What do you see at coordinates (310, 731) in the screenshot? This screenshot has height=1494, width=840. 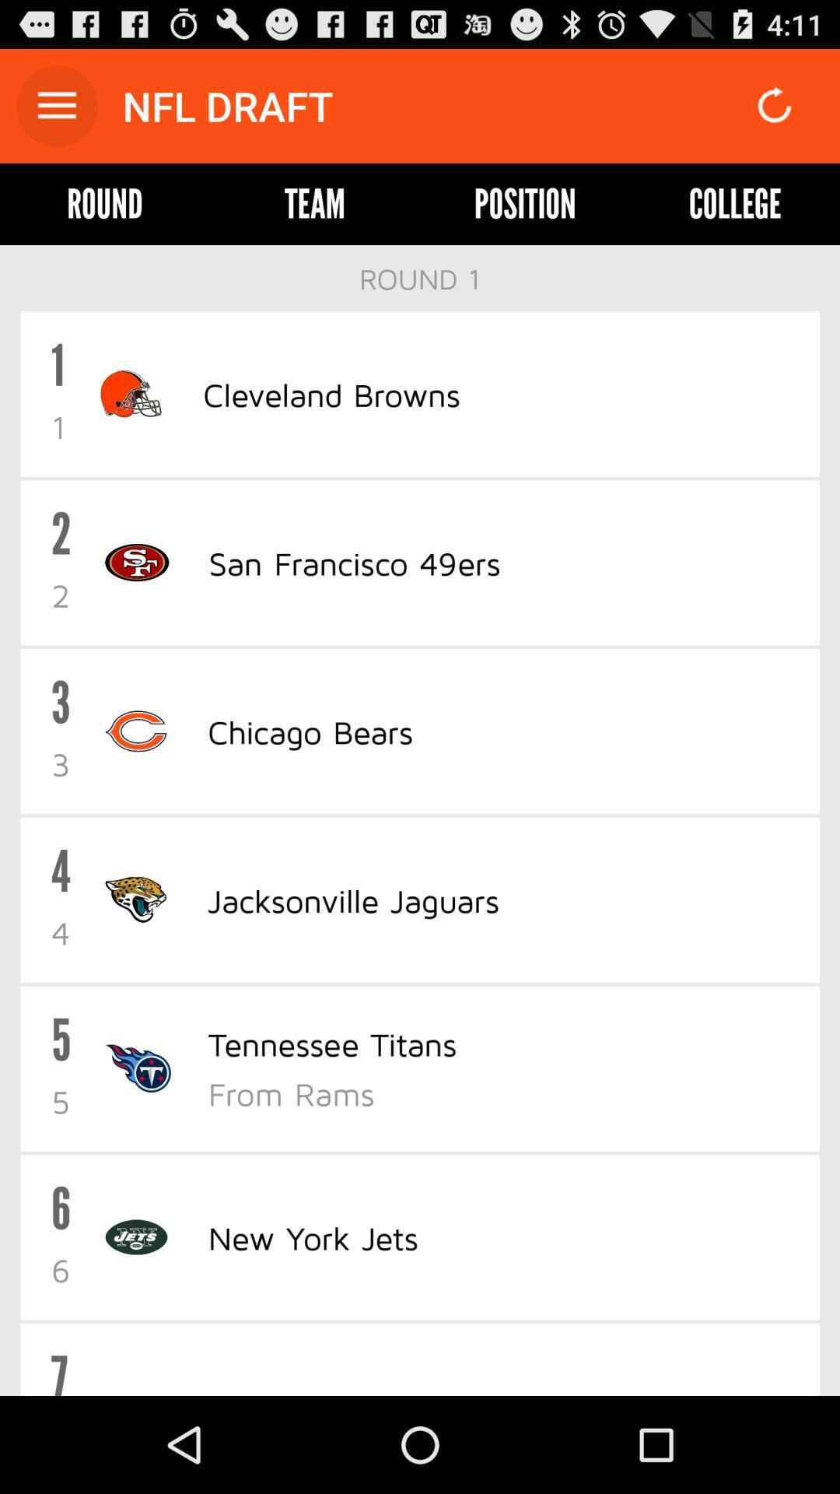 I see `item below san francisco 49ers item` at bounding box center [310, 731].